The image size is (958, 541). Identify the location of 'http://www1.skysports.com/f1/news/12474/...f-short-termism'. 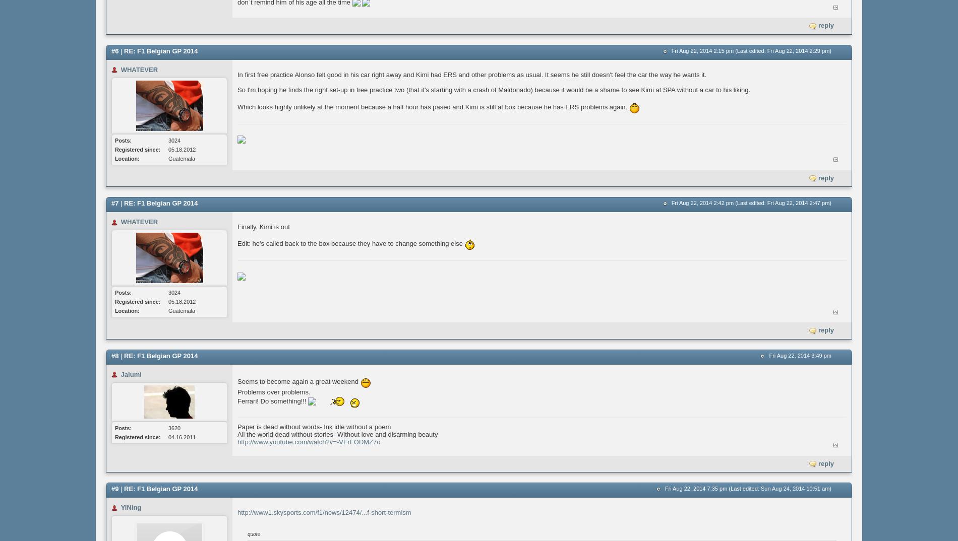
(324, 512).